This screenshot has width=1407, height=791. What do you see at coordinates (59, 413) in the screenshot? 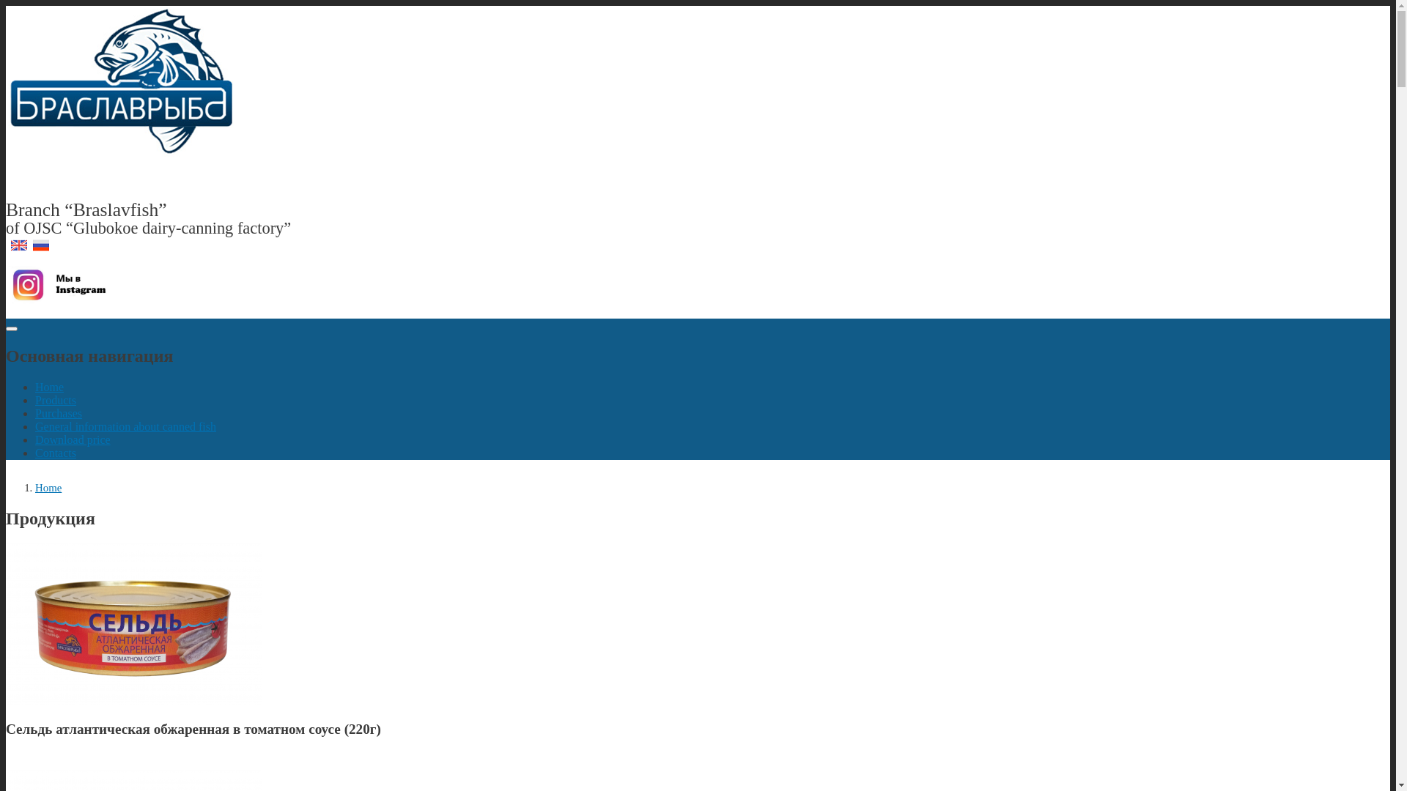
I see `'Purchases'` at bounding box center [59, 413].